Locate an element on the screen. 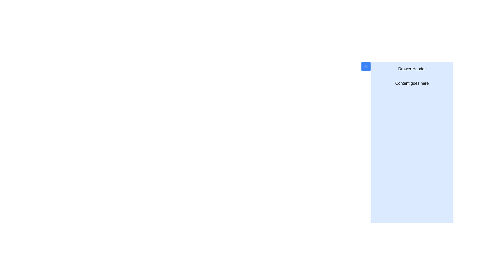  the rectangular blue button with rounded corners and white text labeled 'X' is located at coordinates (365, 66).